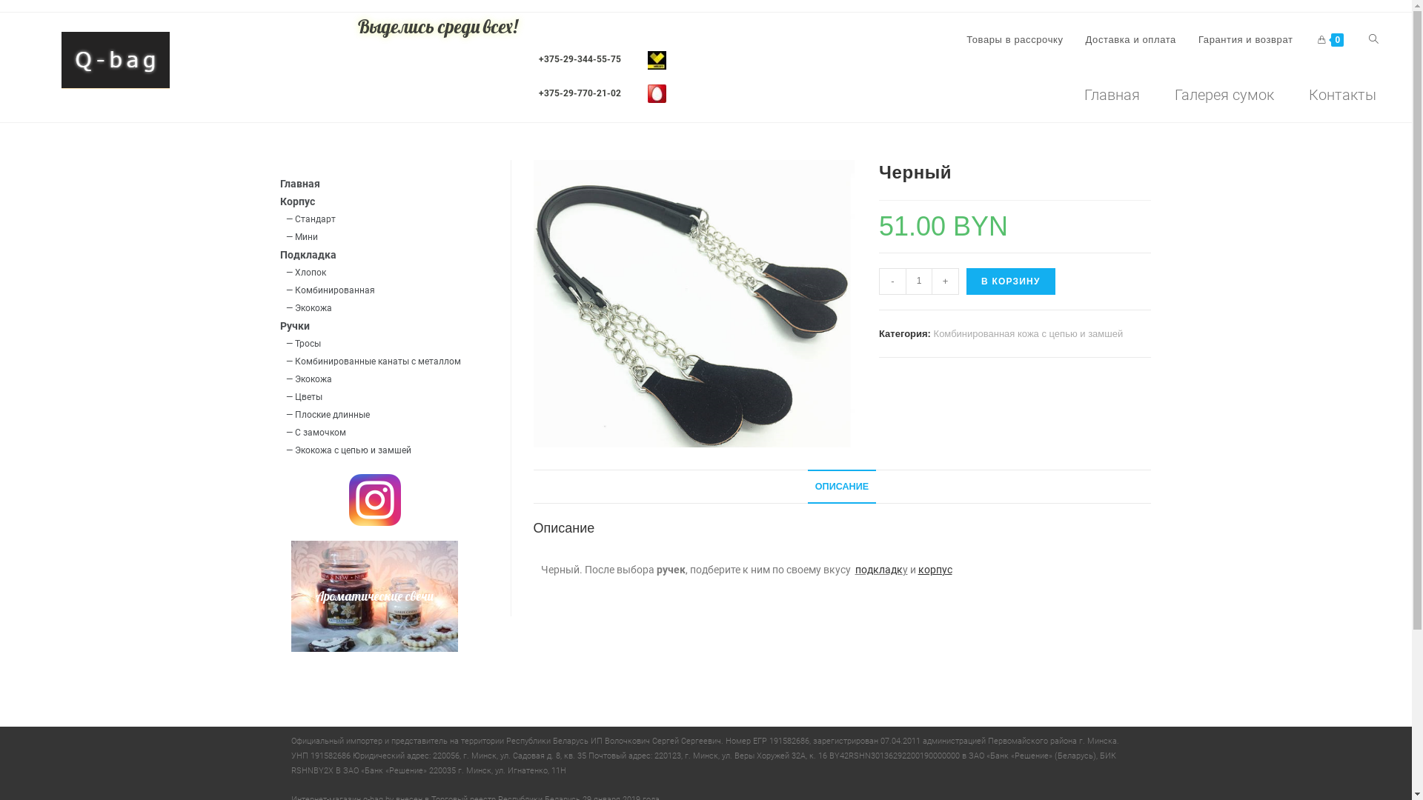  What do you see at coordinates (348, 500) in the screenshot?
I see `'Instagram_AppIcon_Aug2017'` at bounding box center [348, 500].